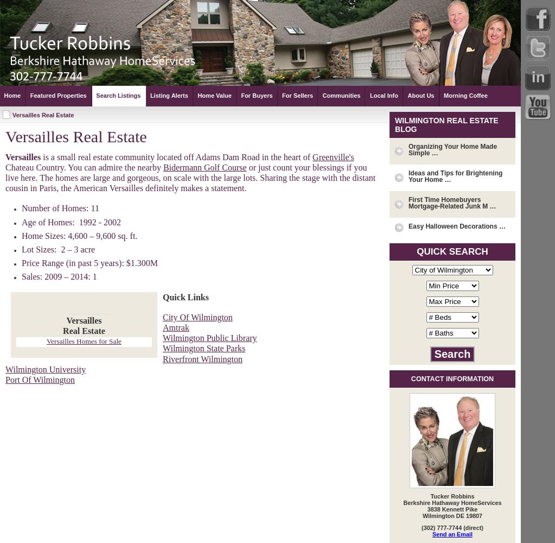 The image size is (555, 543). What do you see at coordinates (45, 369) in the screenshot?
I see `'Wilmington University'` at bounding box center [45, 369].